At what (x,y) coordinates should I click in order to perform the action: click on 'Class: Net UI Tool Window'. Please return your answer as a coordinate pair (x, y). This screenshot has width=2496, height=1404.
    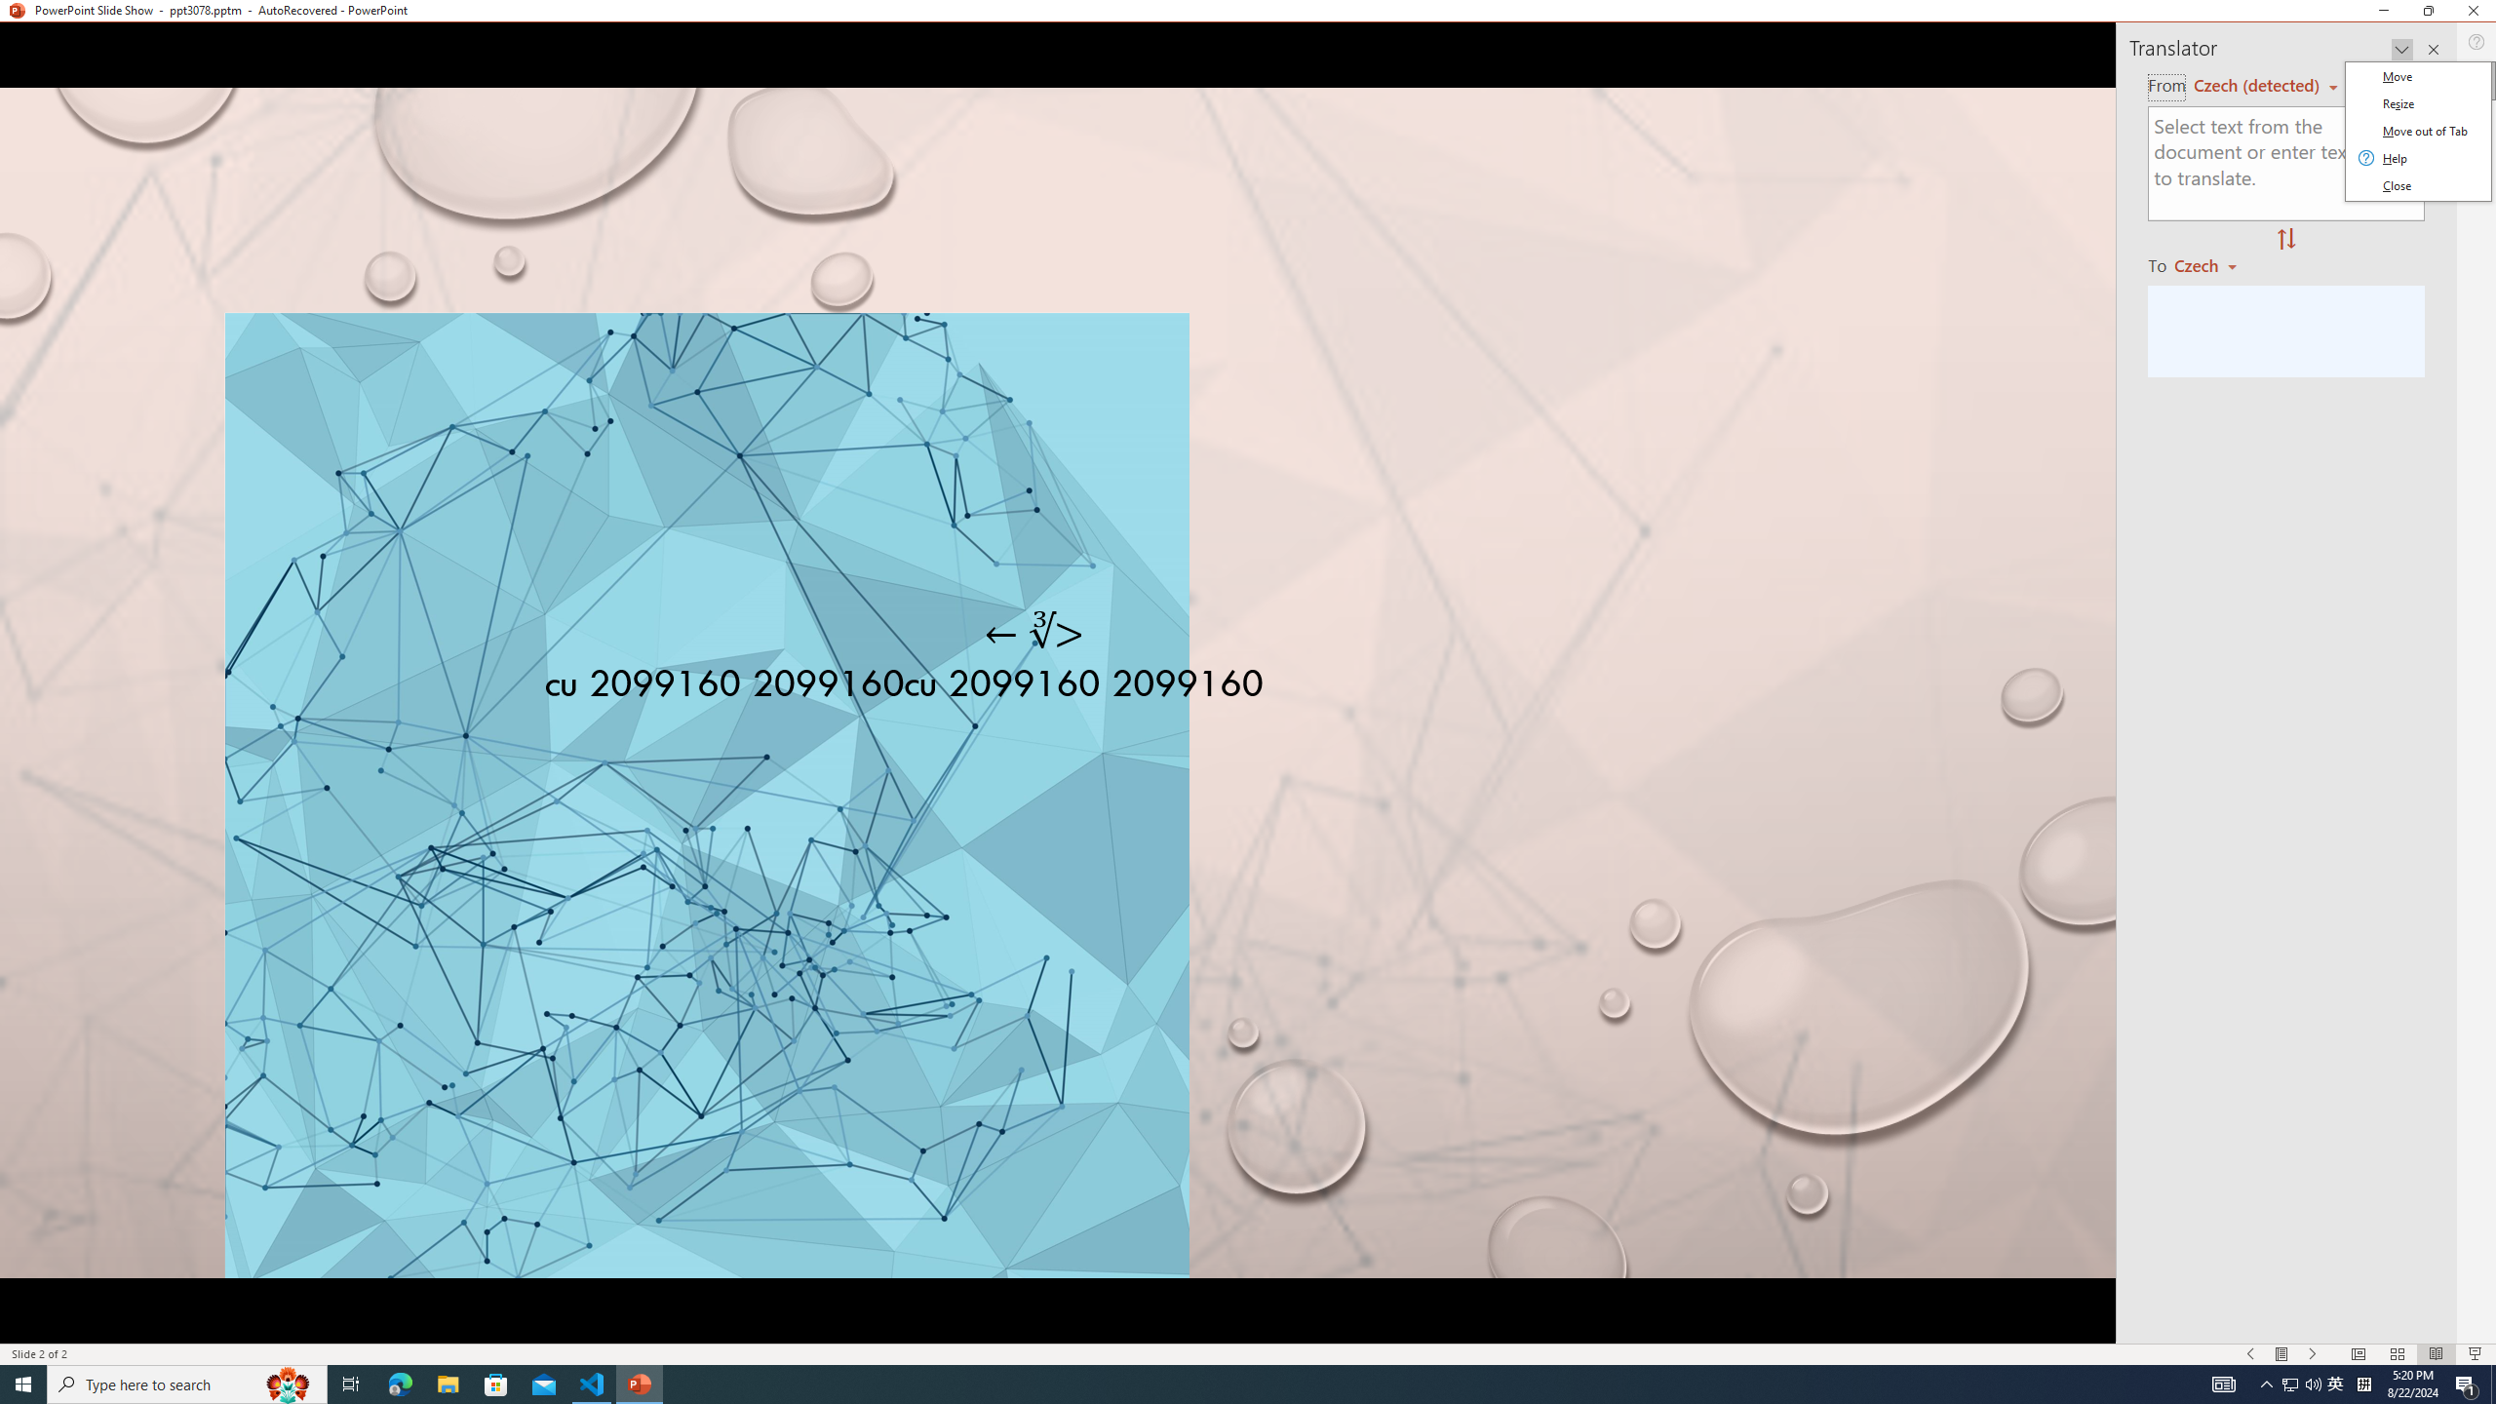
    Looking at the image, I should click on (2416, 131).